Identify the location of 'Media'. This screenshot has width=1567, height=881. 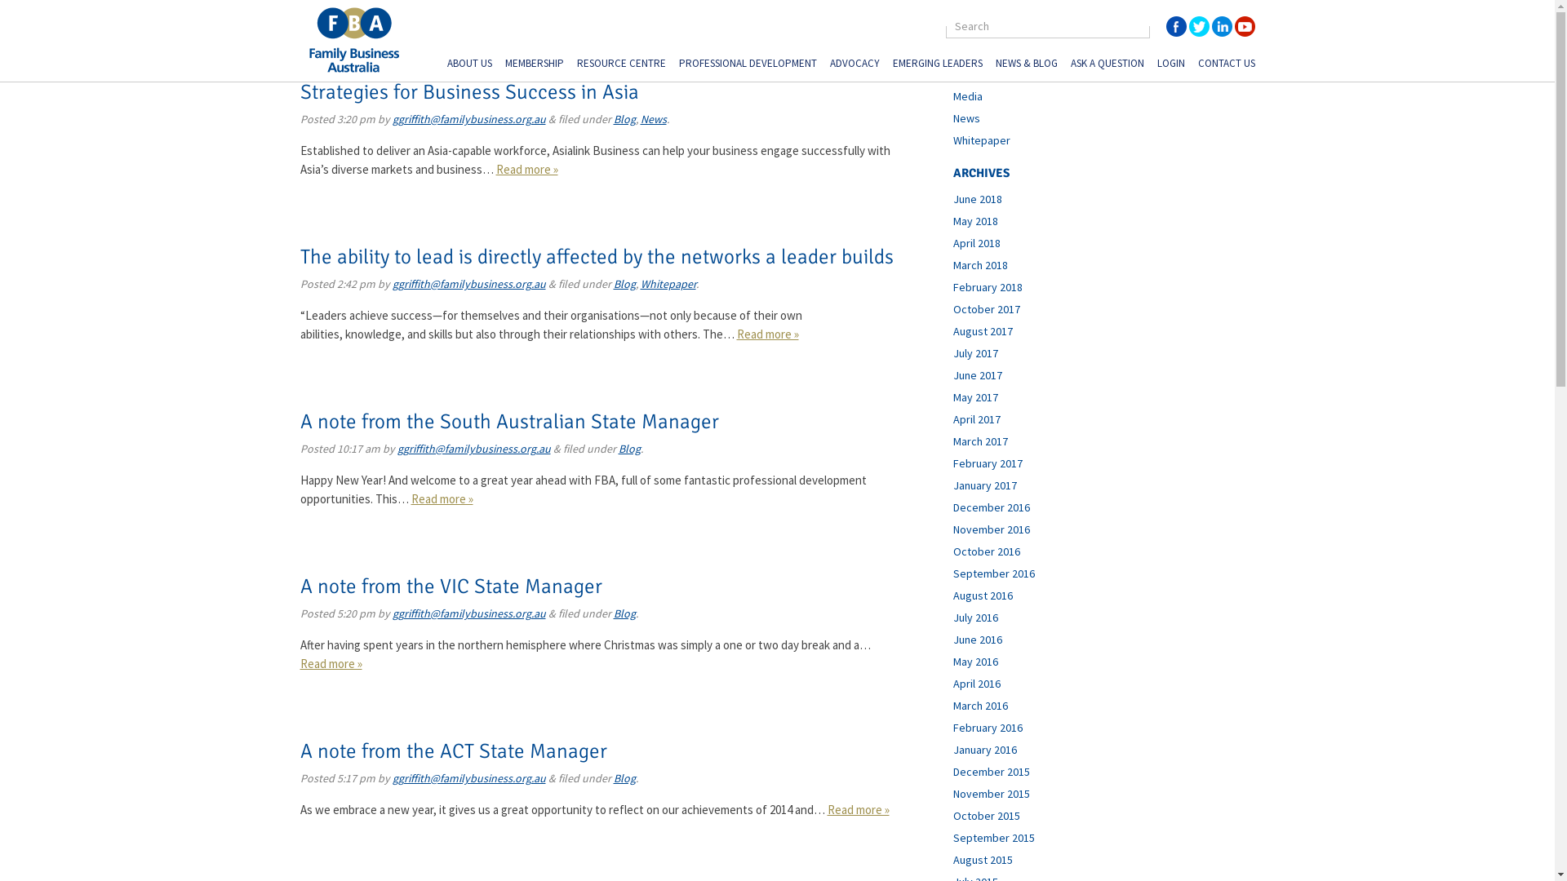
(967, 96).